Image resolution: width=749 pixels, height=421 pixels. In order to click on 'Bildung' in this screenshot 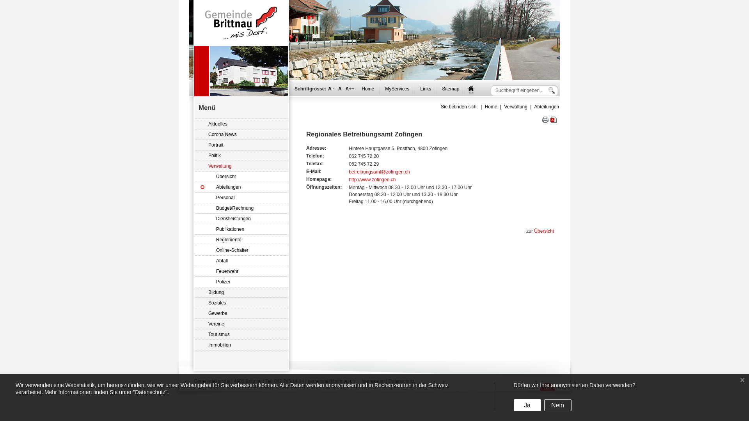, I will do `click(241, 292)`.